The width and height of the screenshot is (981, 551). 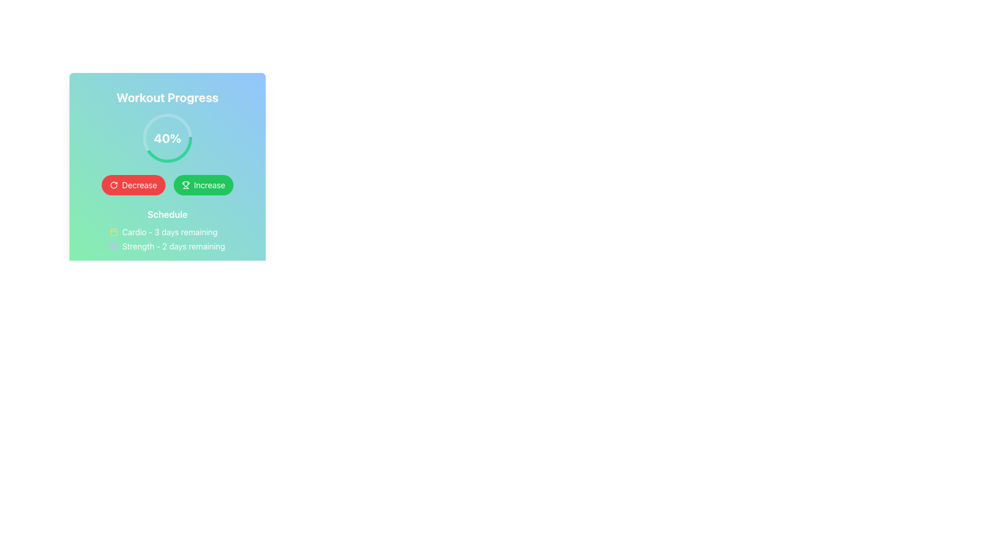 I want to click on the leftmost button that decreases the value, located directly below the '40%' progress indicator and to the left of the 'Increase' button, so click(x=133, y=185).